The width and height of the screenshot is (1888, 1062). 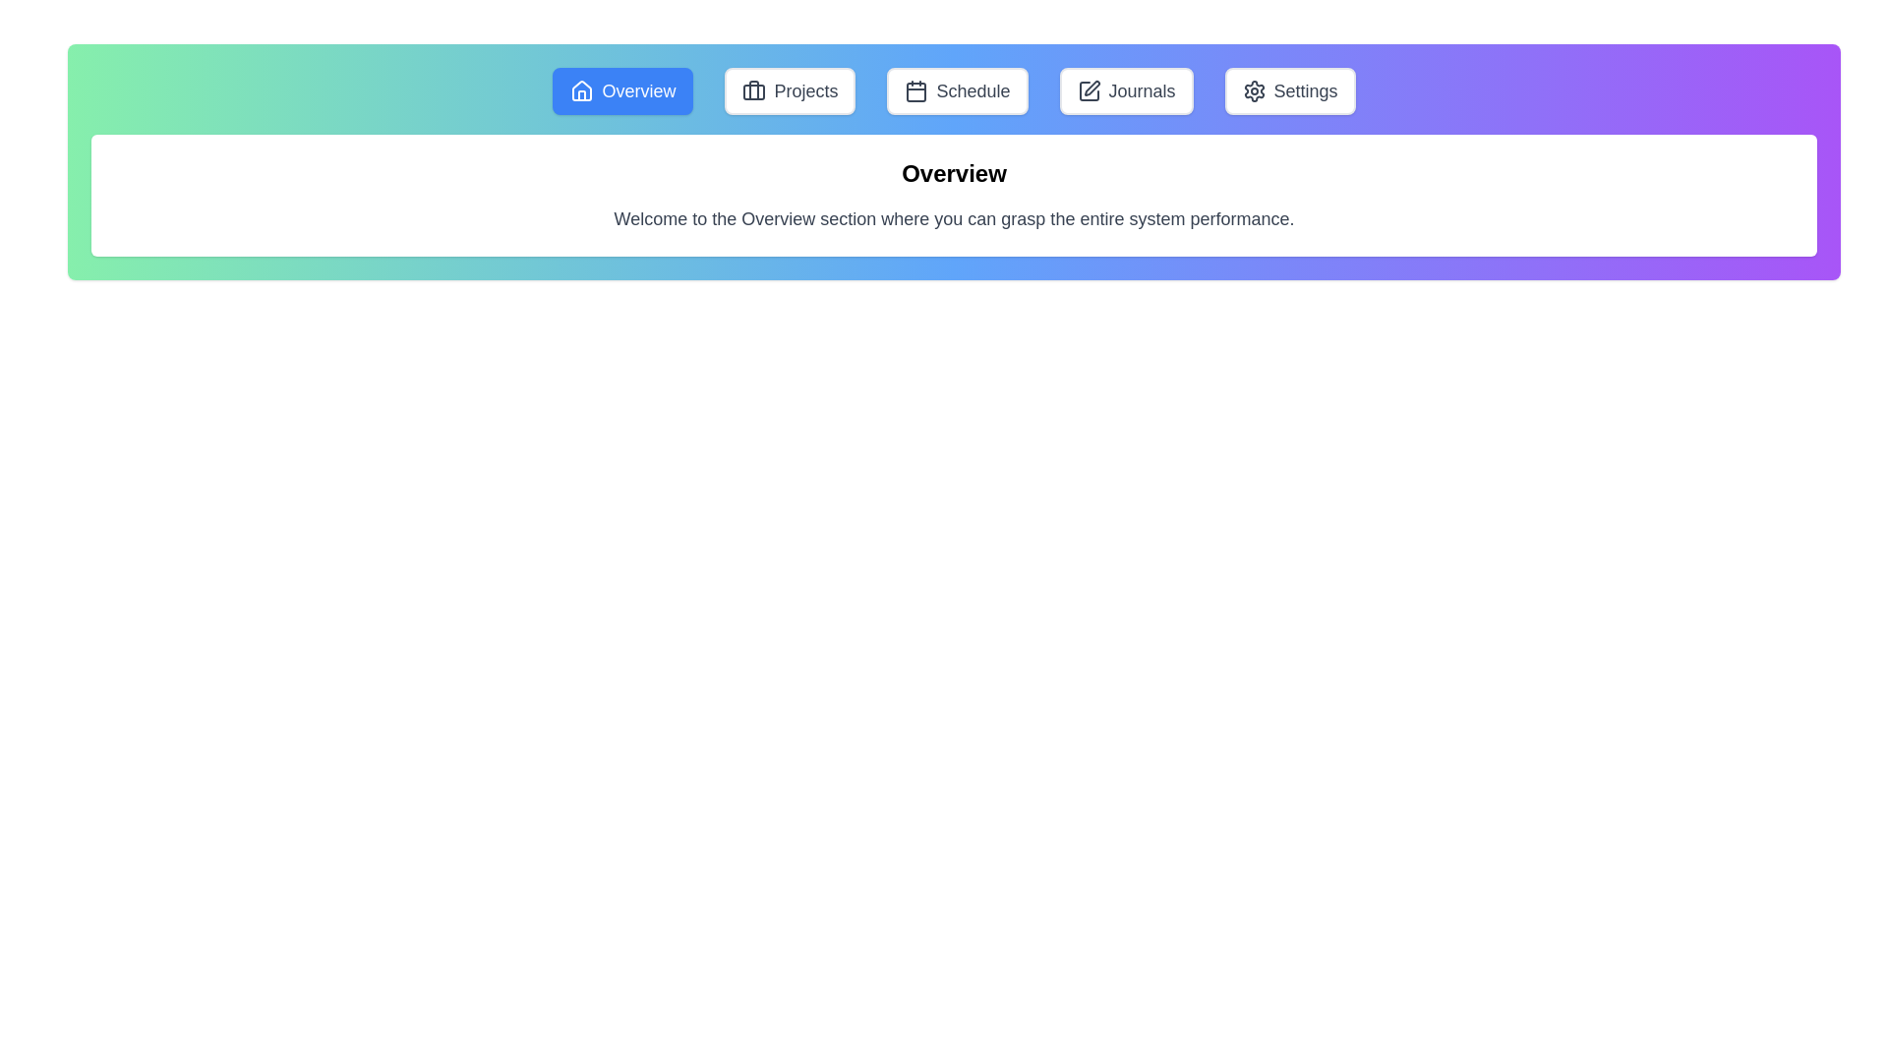 What do you see at coordinates (1290, 90) in the screenshot?
I see `the 'Settings' button, which is a rectangular button with rounded corners, featuring a white background, gray text, and a gear-shaped icon on its left side, located at the rightmost position in the navigation bar` at bounding box center [1290, 90].